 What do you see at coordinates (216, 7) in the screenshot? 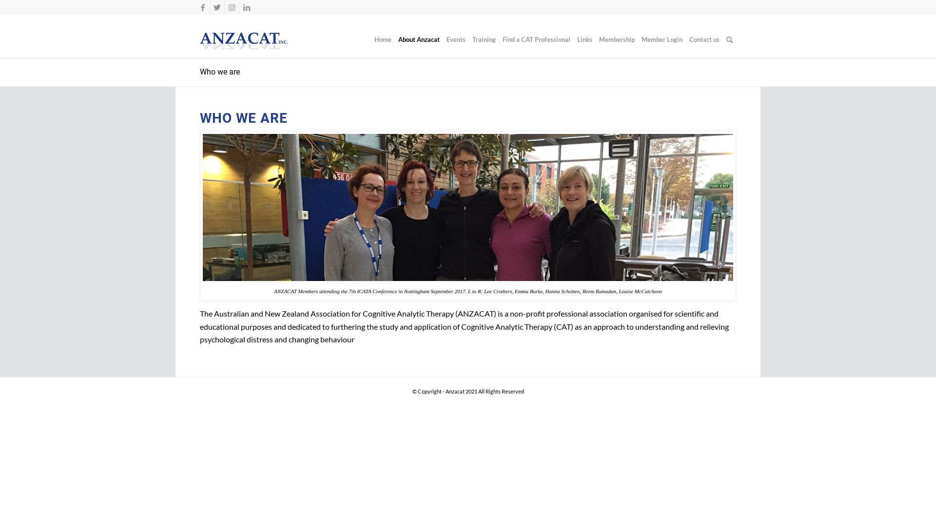
I see `'Twitter'` at bounding box center [216, 7].